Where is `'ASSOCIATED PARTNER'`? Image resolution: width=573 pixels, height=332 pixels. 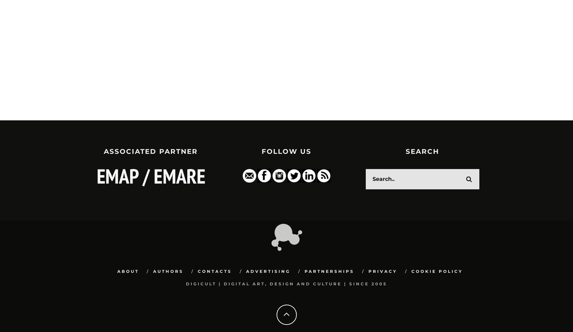 'ASSOCIATED PARTNER' is located at coordinates (150, 151).